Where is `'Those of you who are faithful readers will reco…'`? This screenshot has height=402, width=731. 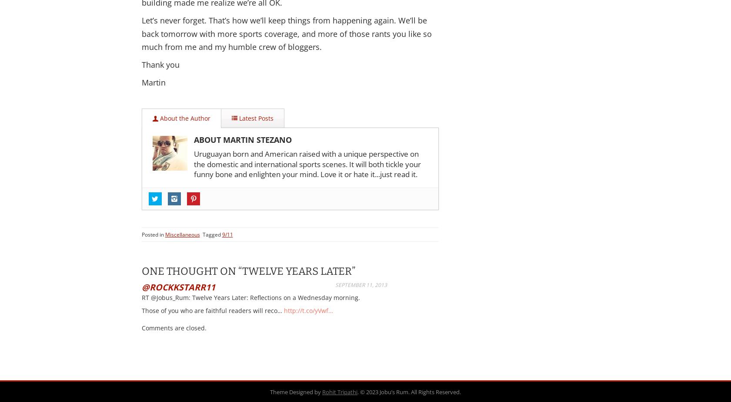
'Those of you who are faithful readers will reco…' is located at coordinates (212, 310).